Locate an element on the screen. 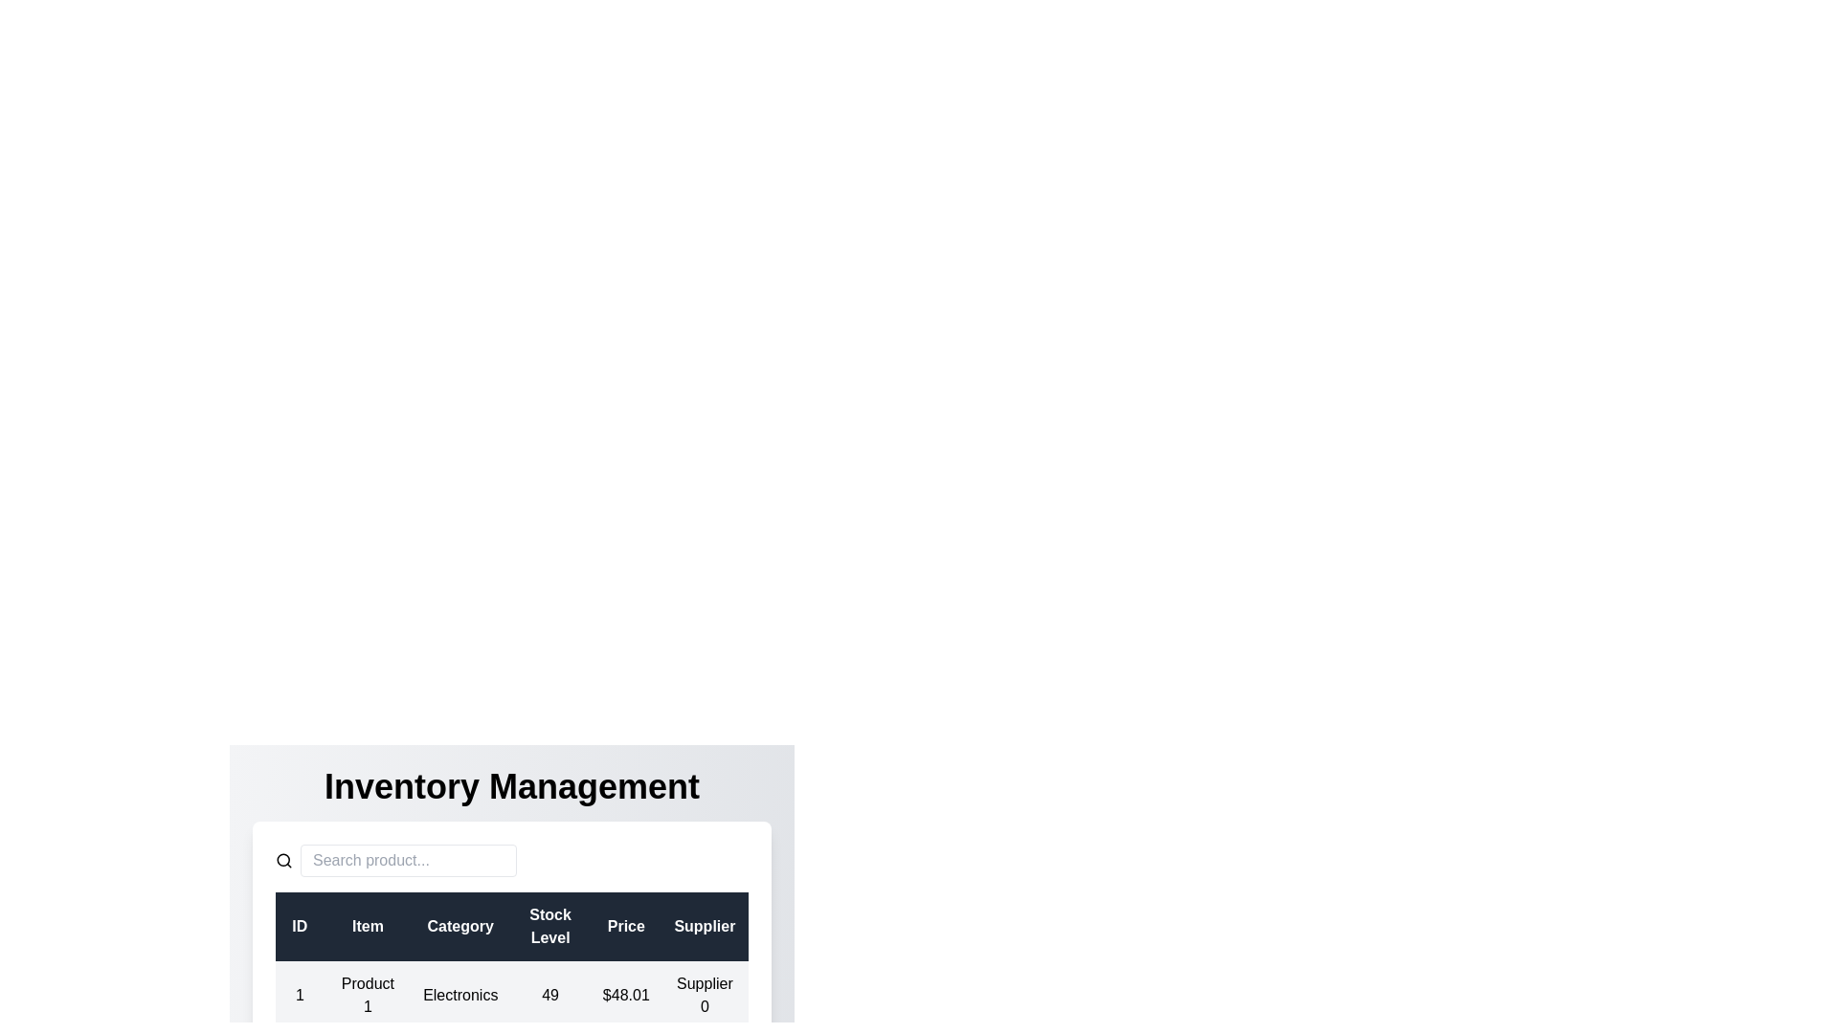  the search bar to inspect its behavior and design is located at coordinates (408, 859).